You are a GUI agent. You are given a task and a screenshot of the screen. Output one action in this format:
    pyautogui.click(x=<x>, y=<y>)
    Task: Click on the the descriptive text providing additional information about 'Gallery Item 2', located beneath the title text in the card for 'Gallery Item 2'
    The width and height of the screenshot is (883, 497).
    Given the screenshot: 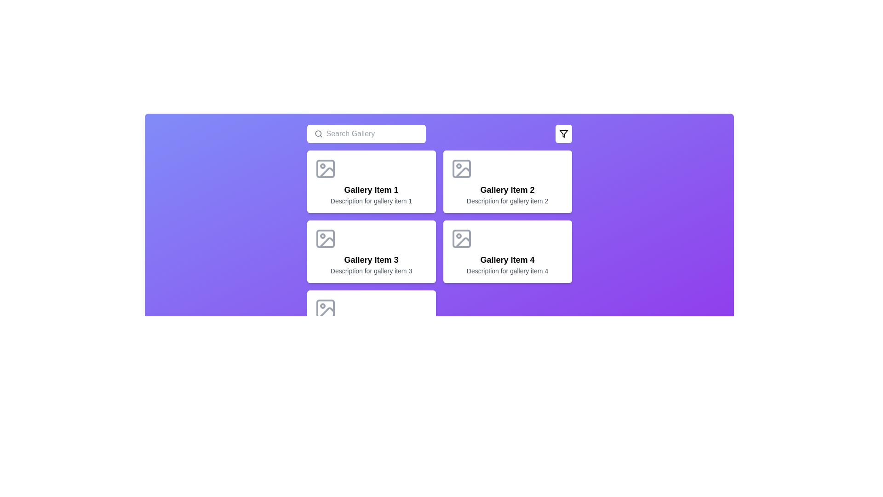 What is the action you would take?
    pyautogui.click(x=507, y=200)
    